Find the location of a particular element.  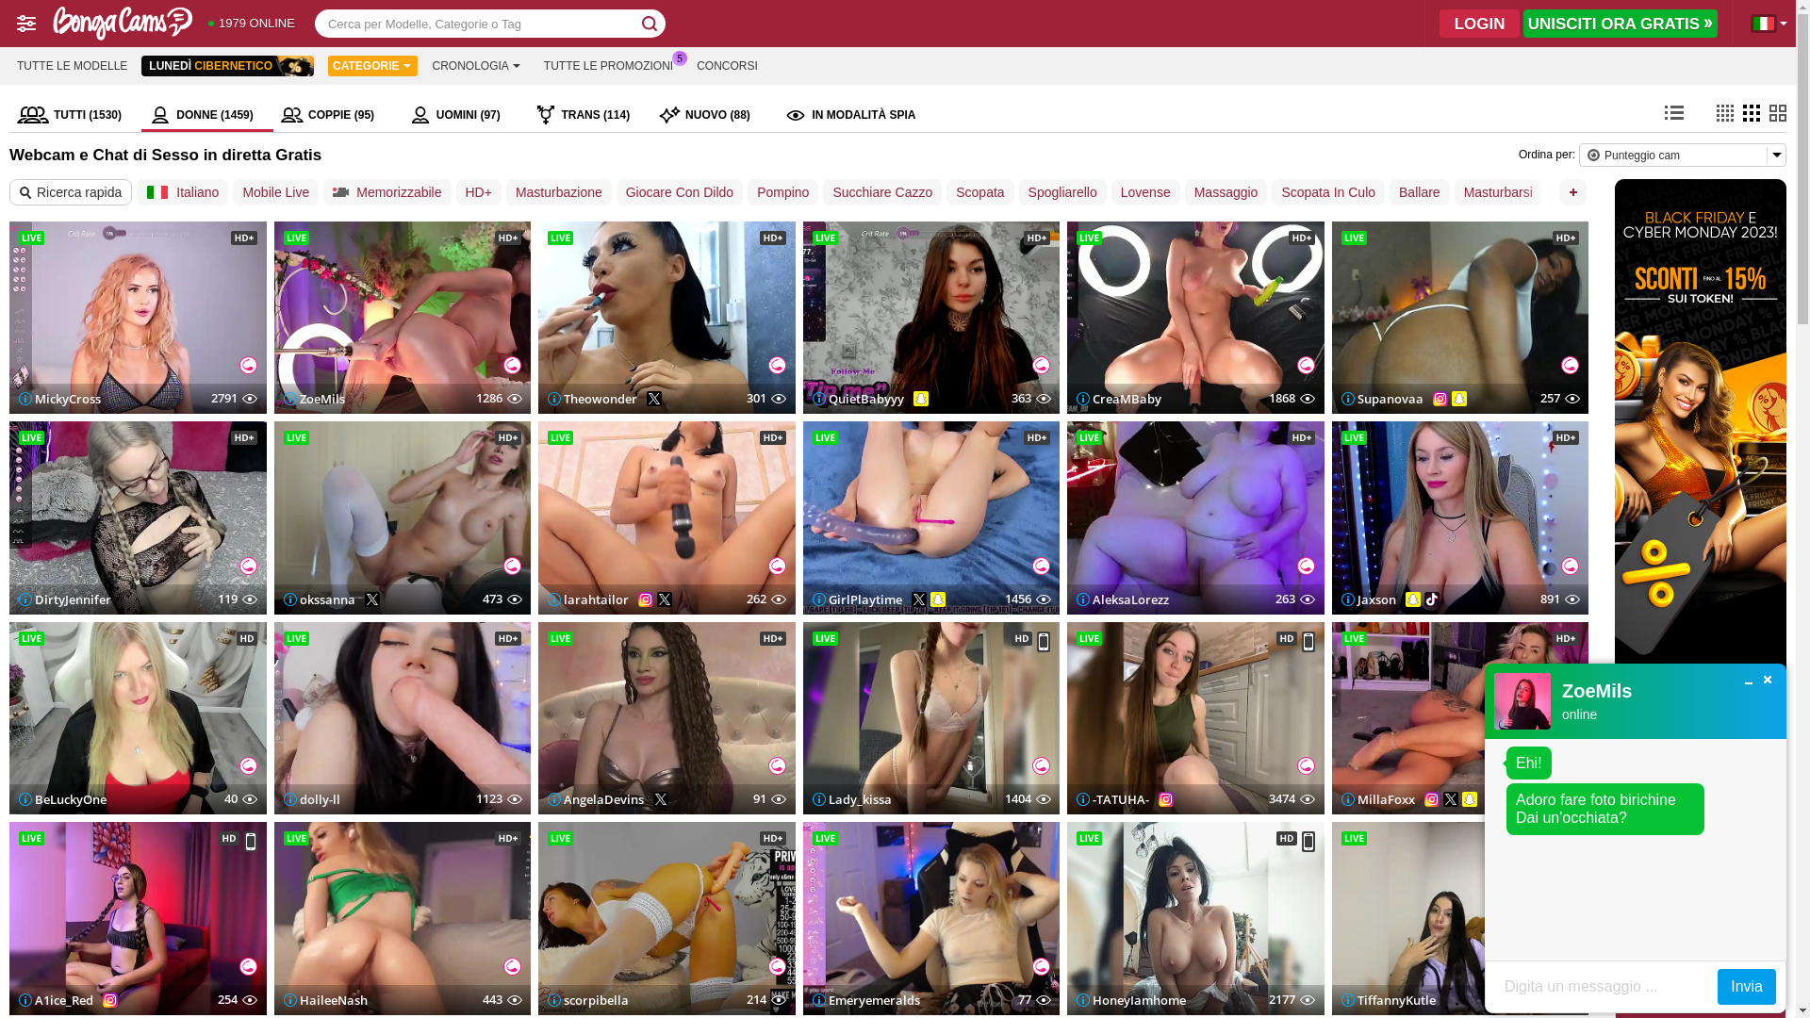

'-TATUHA-' is located at coordinates (1112, 799).